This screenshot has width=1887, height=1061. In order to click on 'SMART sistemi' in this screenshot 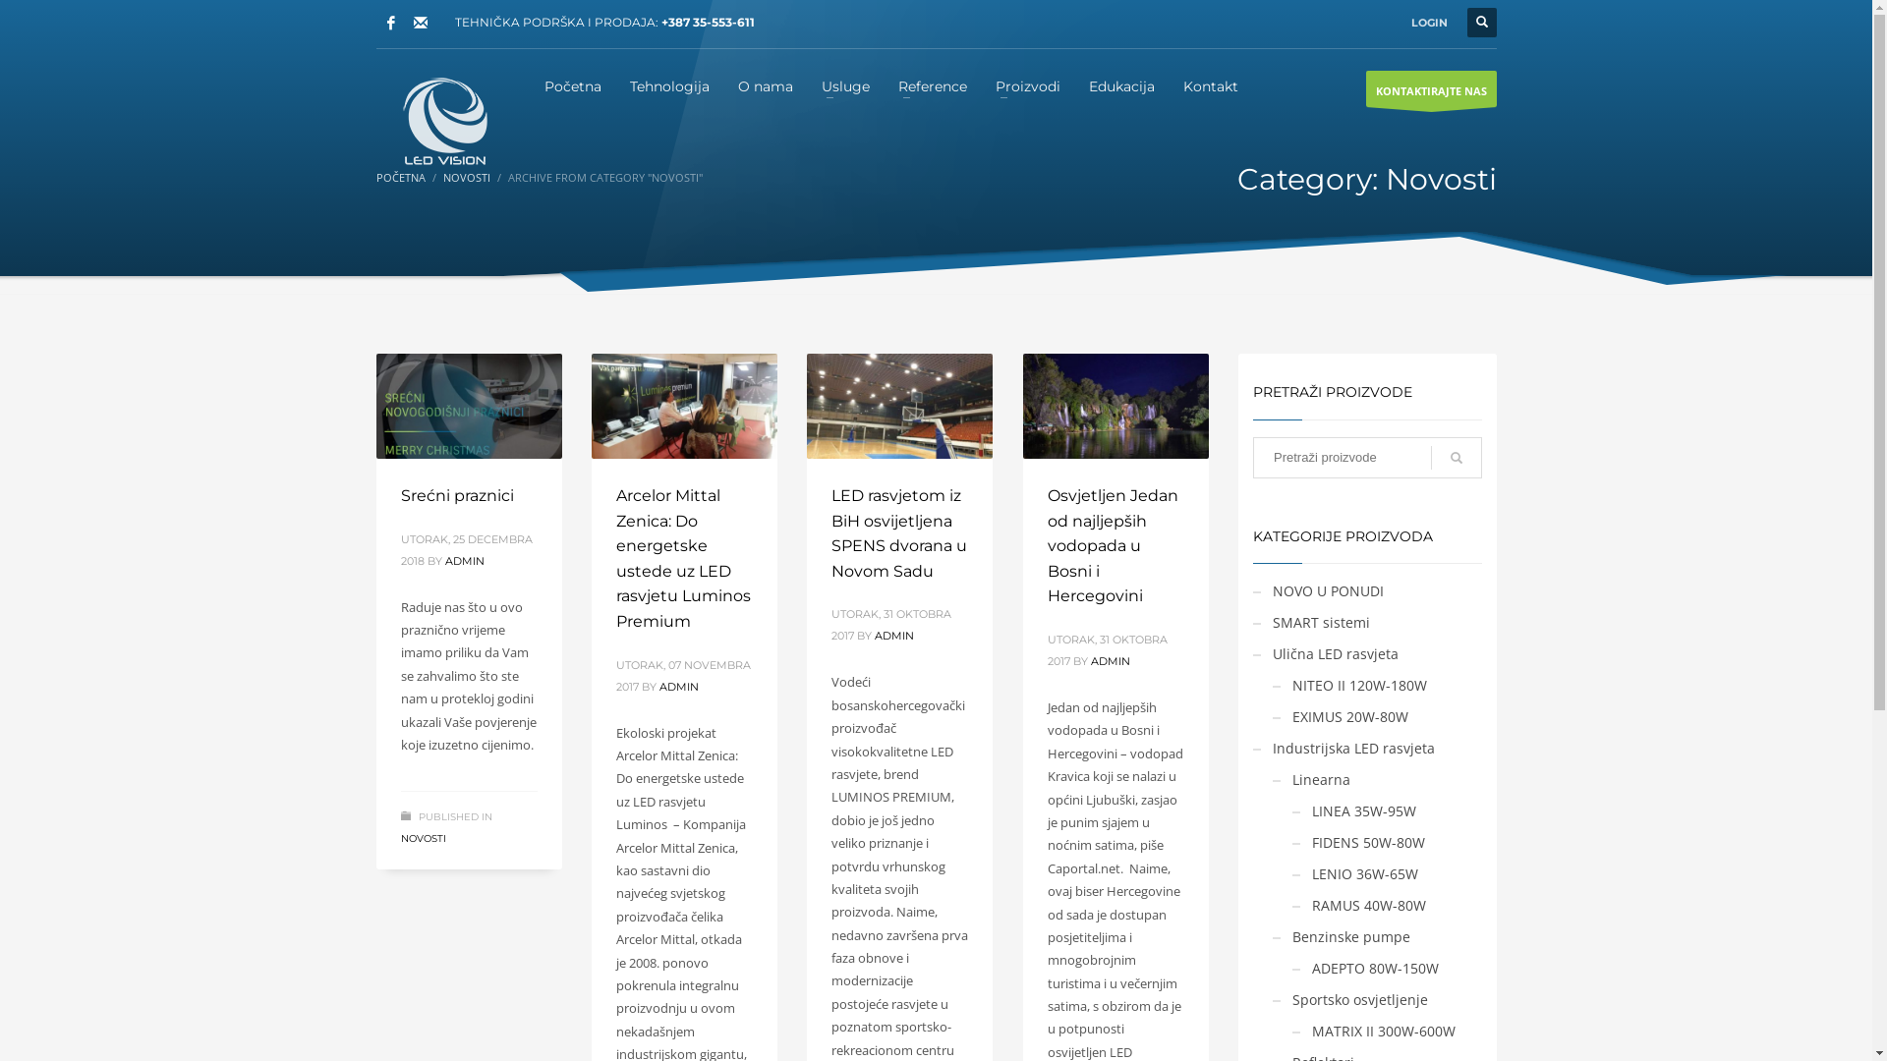, I will do `click(1311, 622)`.